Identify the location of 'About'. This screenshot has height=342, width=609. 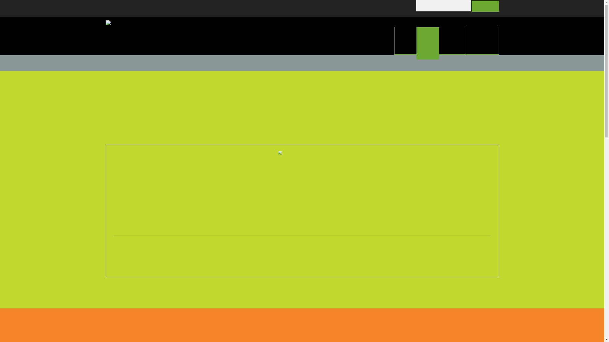
(428, 43).